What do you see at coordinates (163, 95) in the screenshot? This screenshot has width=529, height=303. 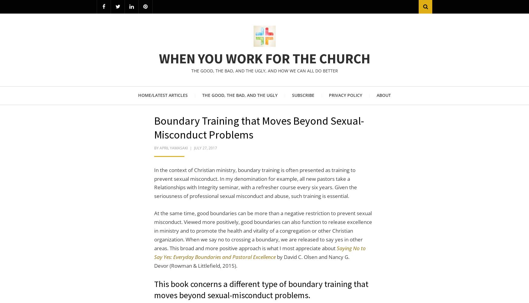 I see `'Home/Latest Articles'` at bounding box center [163, 95].